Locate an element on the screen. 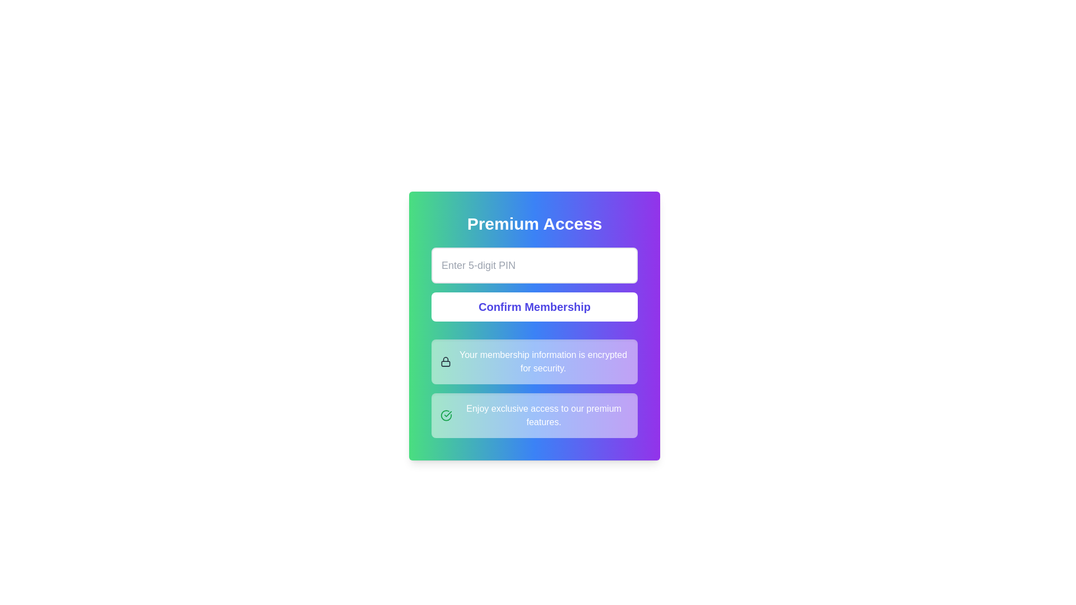 This screenshot has width=1076, height=605. the circular SVG icon in the bottom-right corner of the context card that indicates confirmed or available information regarding exclusive premium access is located at coordinates (447, 414).